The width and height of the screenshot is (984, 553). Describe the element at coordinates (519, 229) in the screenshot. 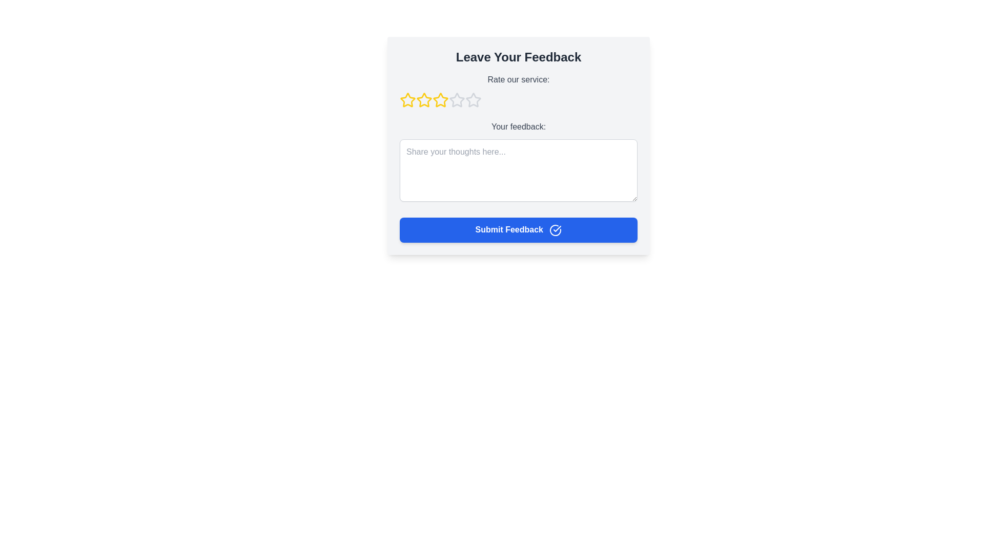

I see `the submit button located at the bottom of the feedback form` at that location.